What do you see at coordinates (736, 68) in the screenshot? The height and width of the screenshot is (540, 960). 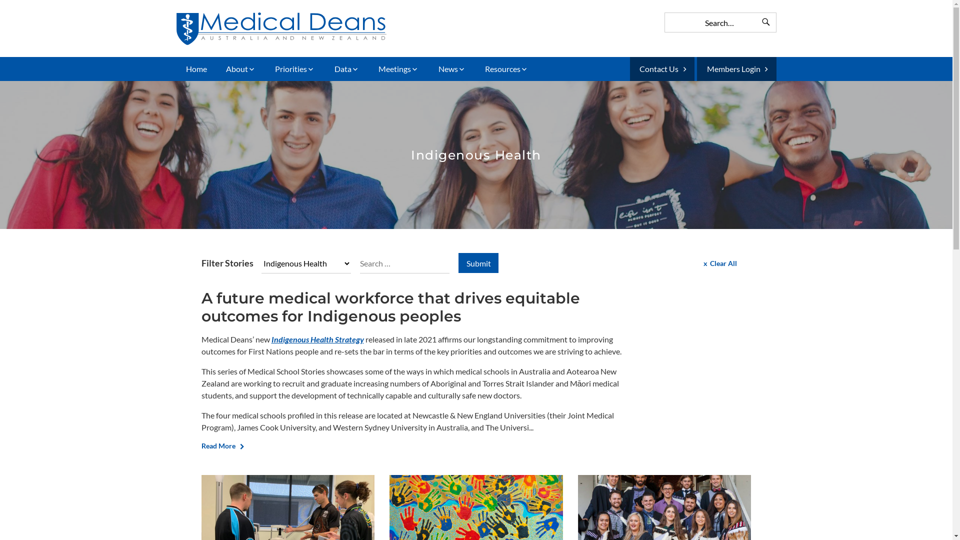 I see `'Members Login'` at bounding box center [736, 68].